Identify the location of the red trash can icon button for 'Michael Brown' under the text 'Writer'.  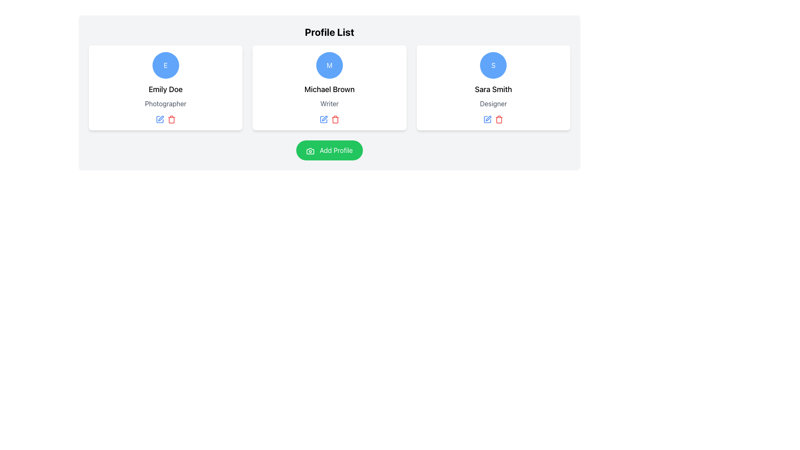
(335, 119).